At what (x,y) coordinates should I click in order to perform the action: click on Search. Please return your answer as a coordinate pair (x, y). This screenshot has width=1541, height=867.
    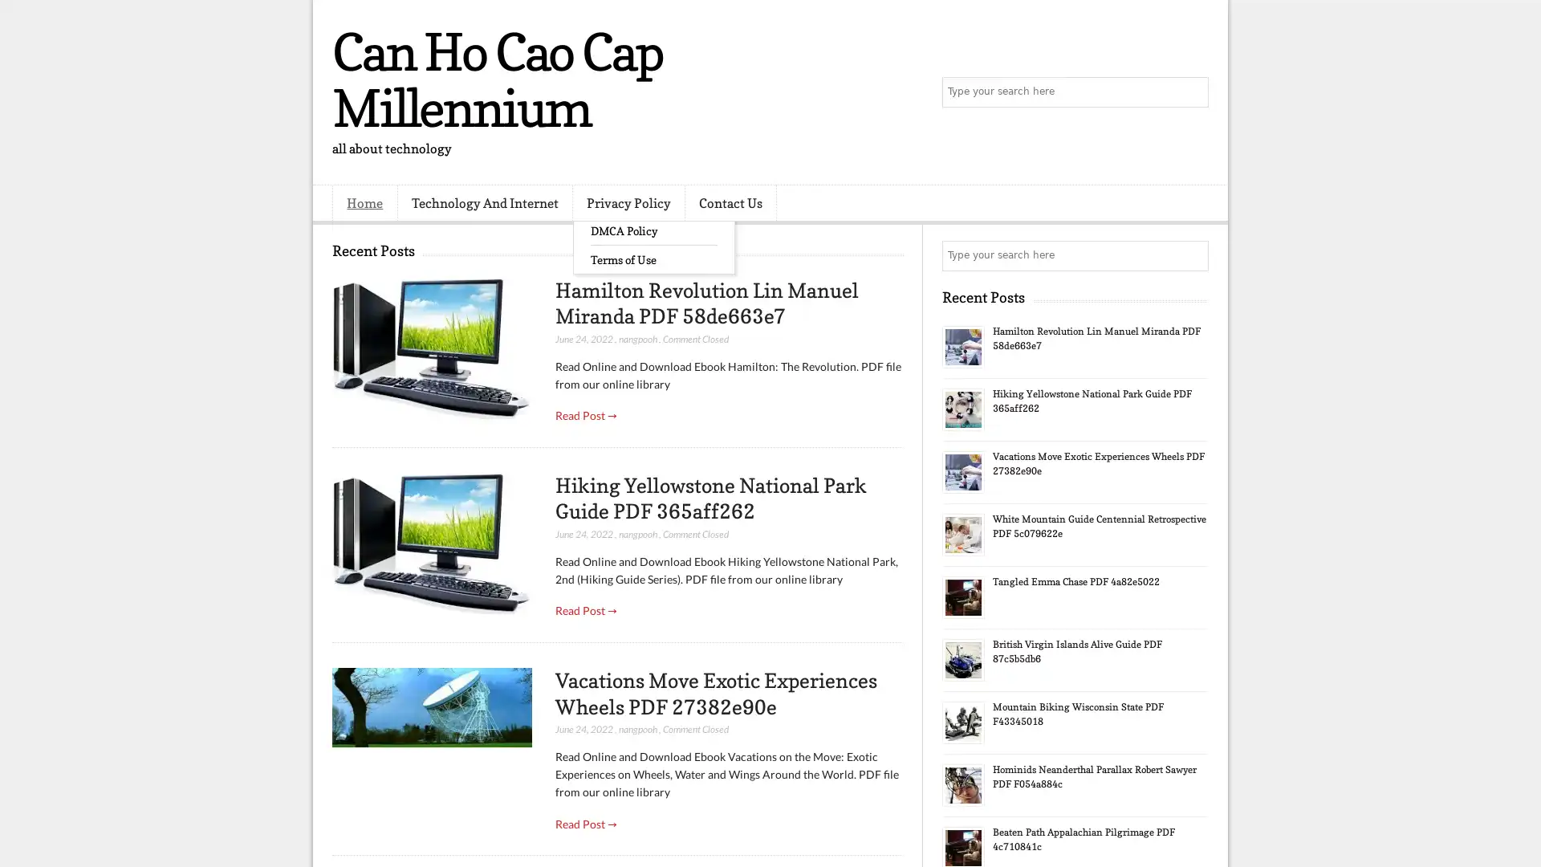
    Looking at the image, I should click on (1192, 92).